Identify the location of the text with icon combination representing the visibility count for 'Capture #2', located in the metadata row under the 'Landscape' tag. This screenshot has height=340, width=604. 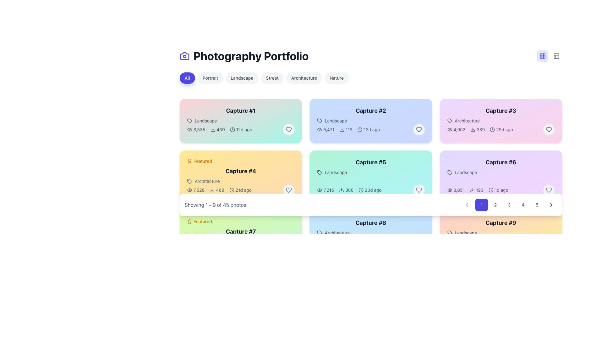
(326, 129).